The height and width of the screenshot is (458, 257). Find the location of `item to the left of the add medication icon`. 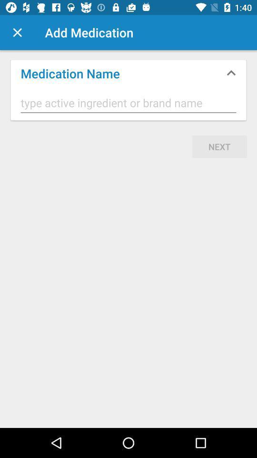

item to the left of the add medication icon is located at coordinates (17, 32).